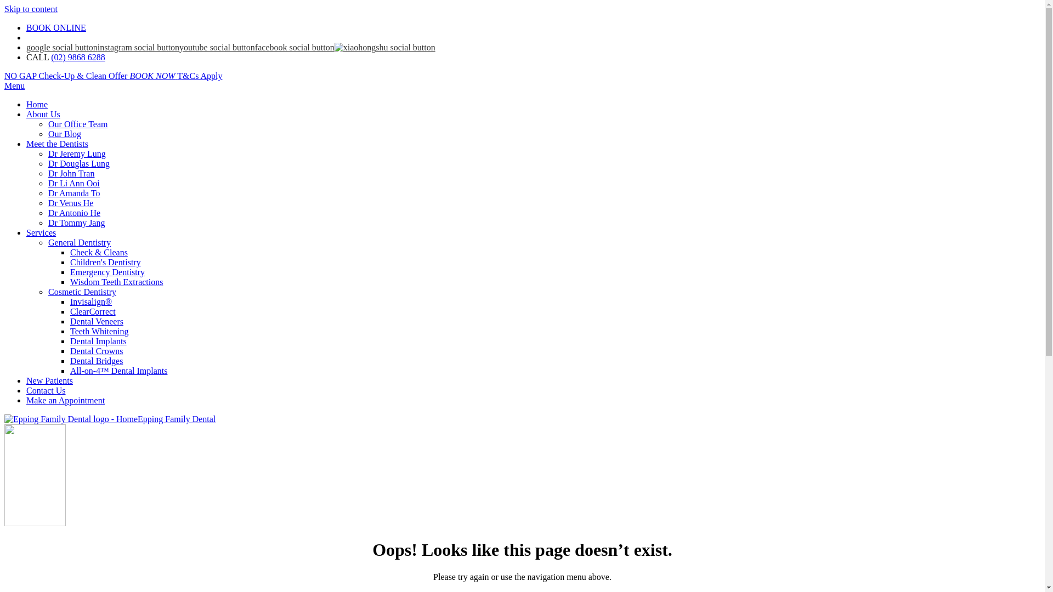  Describe the element at coordinates (49, 380) in the screenshot. I see `'New Patients'` at that location.